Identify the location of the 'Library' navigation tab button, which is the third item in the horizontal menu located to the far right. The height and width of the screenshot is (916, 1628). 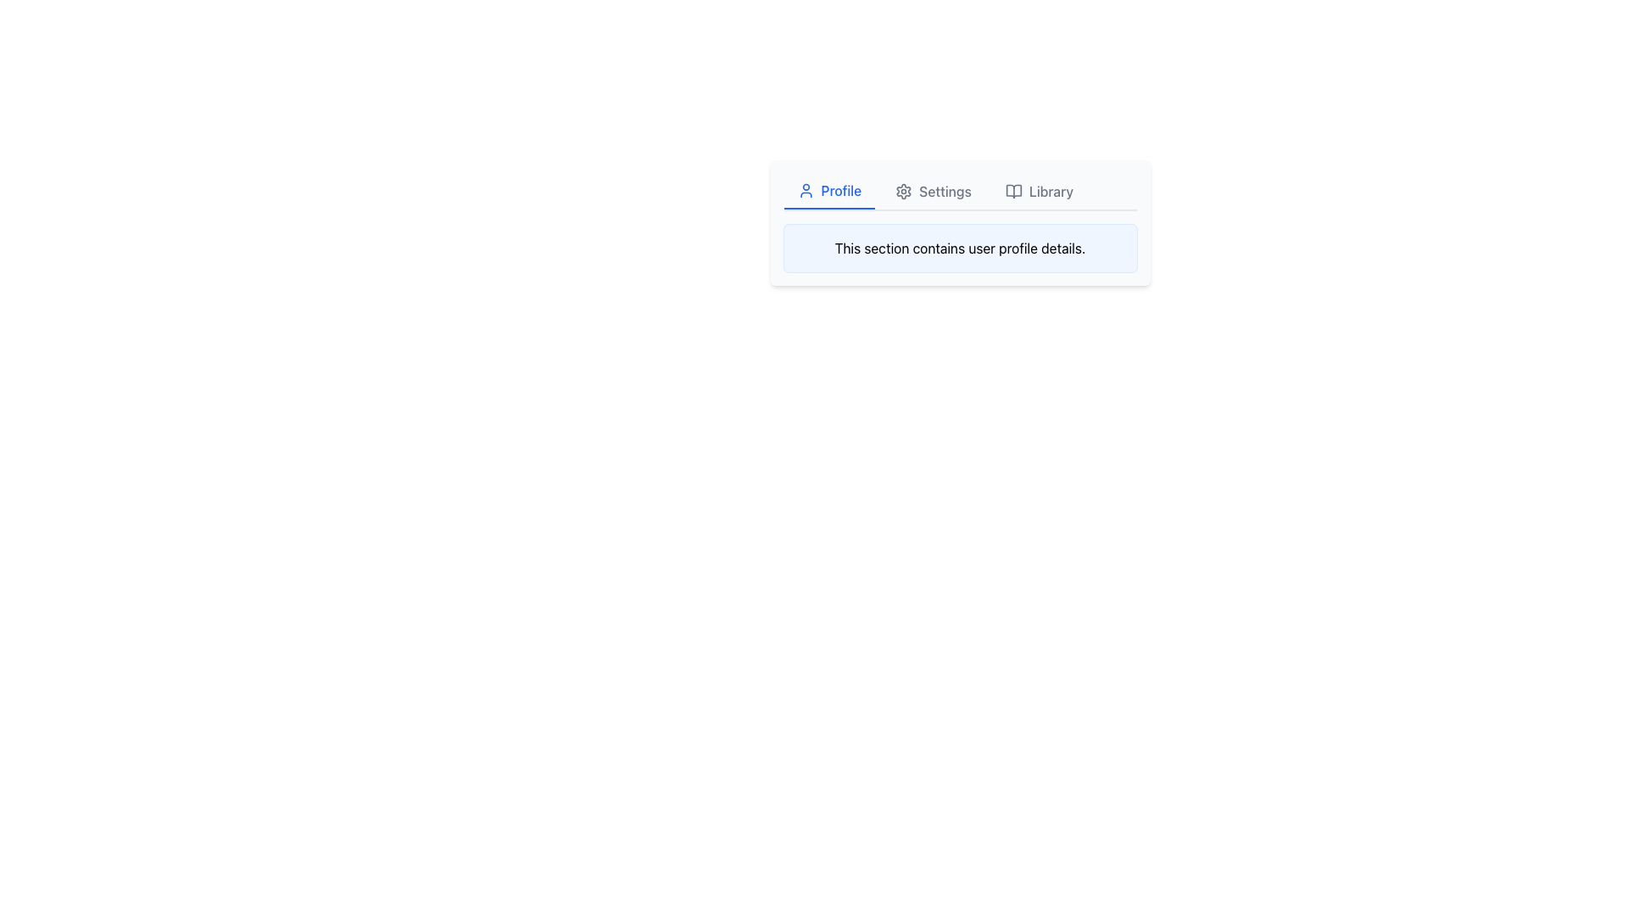
(1038, 191).